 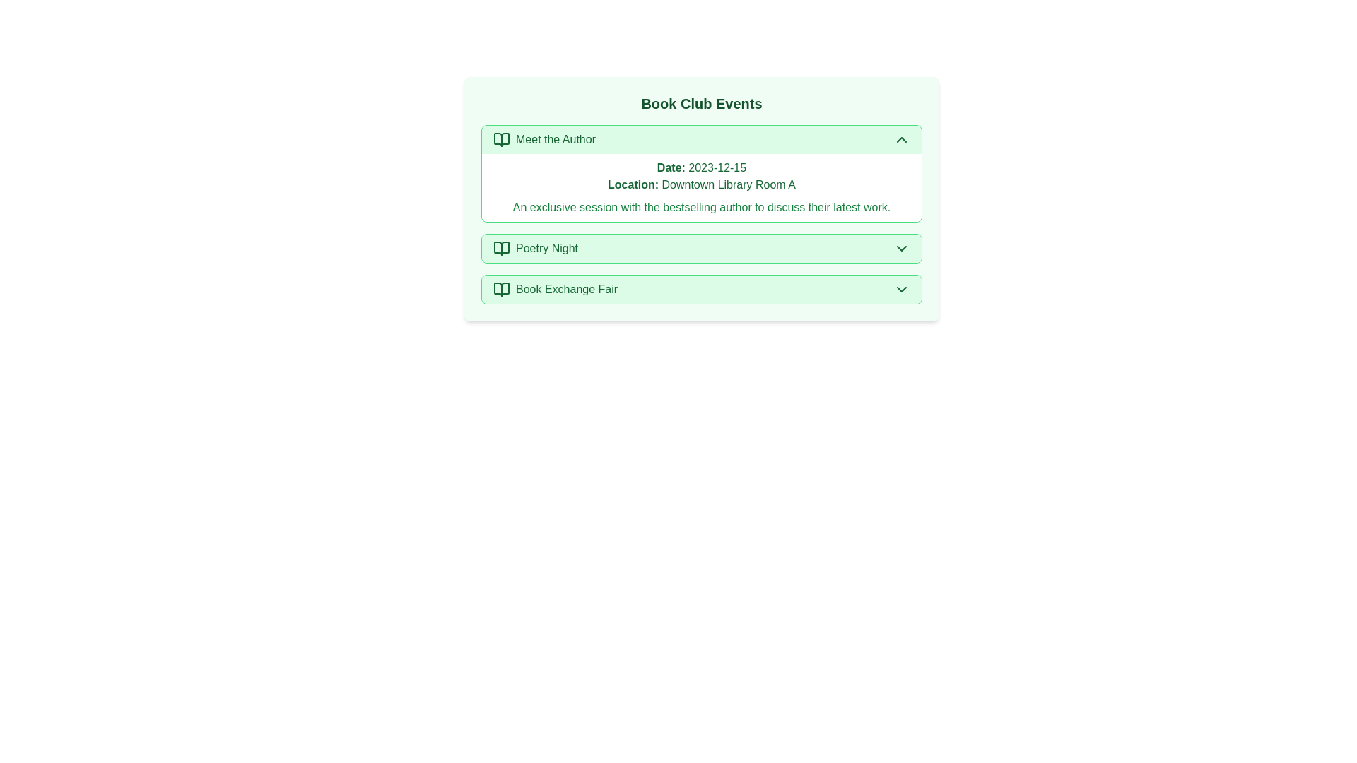 What do you see at coordinates (544, 139) in the screenshot?
I see `the List Header with Icon` at bounding box center [544, 139].